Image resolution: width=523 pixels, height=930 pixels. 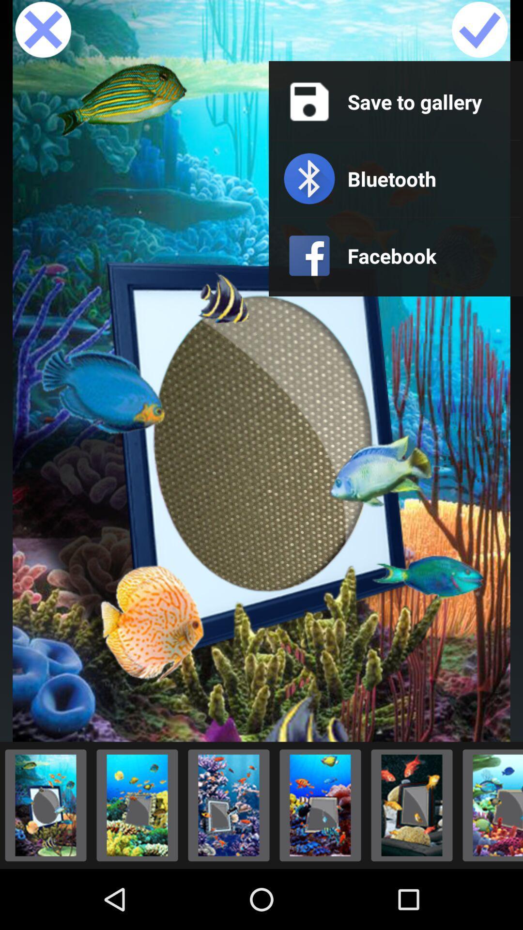 What do you see at coordinates (412, 805) in the screenshot?
I see `the picture to display` at bounding box center [412, 805].